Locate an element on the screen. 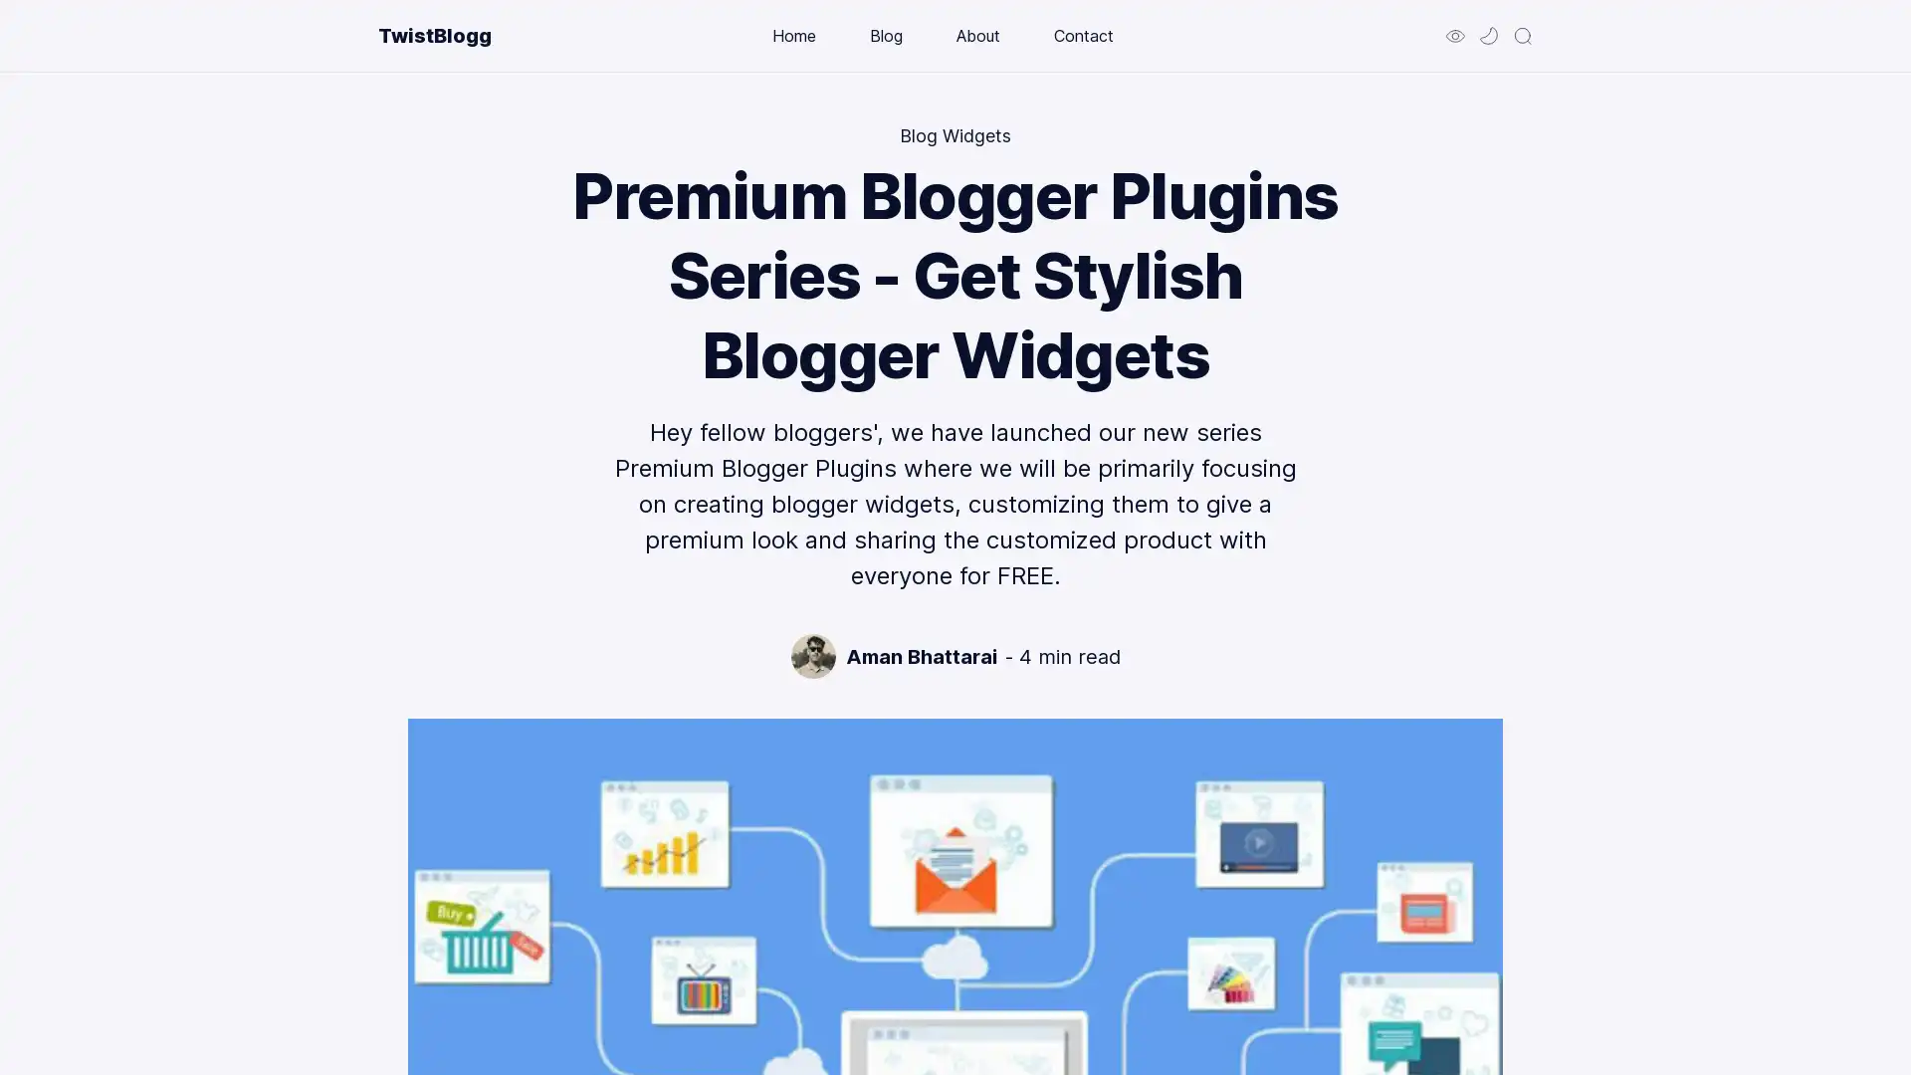  Readmode is located at coordinates (1455, 35).